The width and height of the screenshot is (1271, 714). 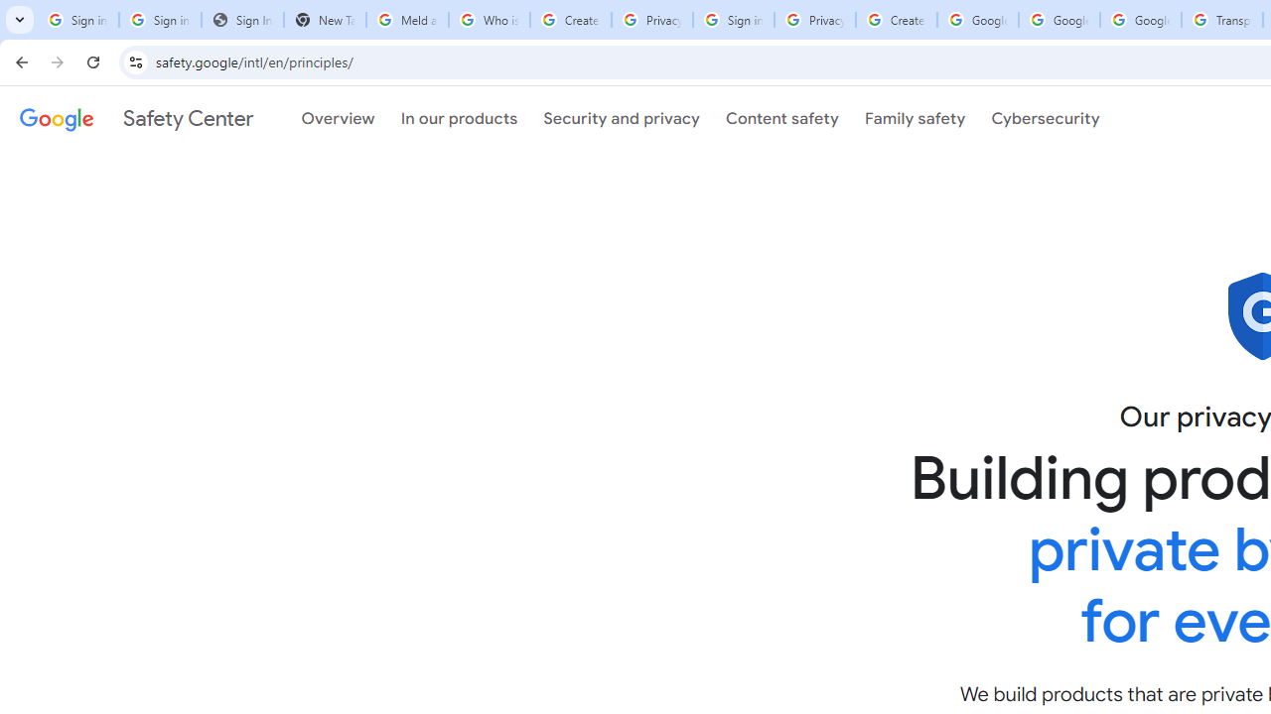 I want to click on 'Safety Center', so click(x=135, y=118).